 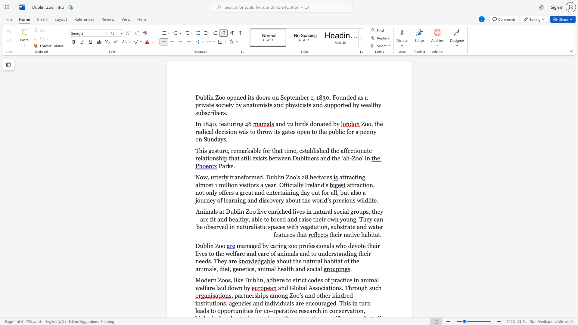 What do you see at coordinates (298, 200) in the screenshot?
I see `the subset text "t the world’s precious wil" within the text "a great and entertaining day out for all, but also a journey of learning and discovery about the world’s precious wildlife"` at bounding box center [298, 200].